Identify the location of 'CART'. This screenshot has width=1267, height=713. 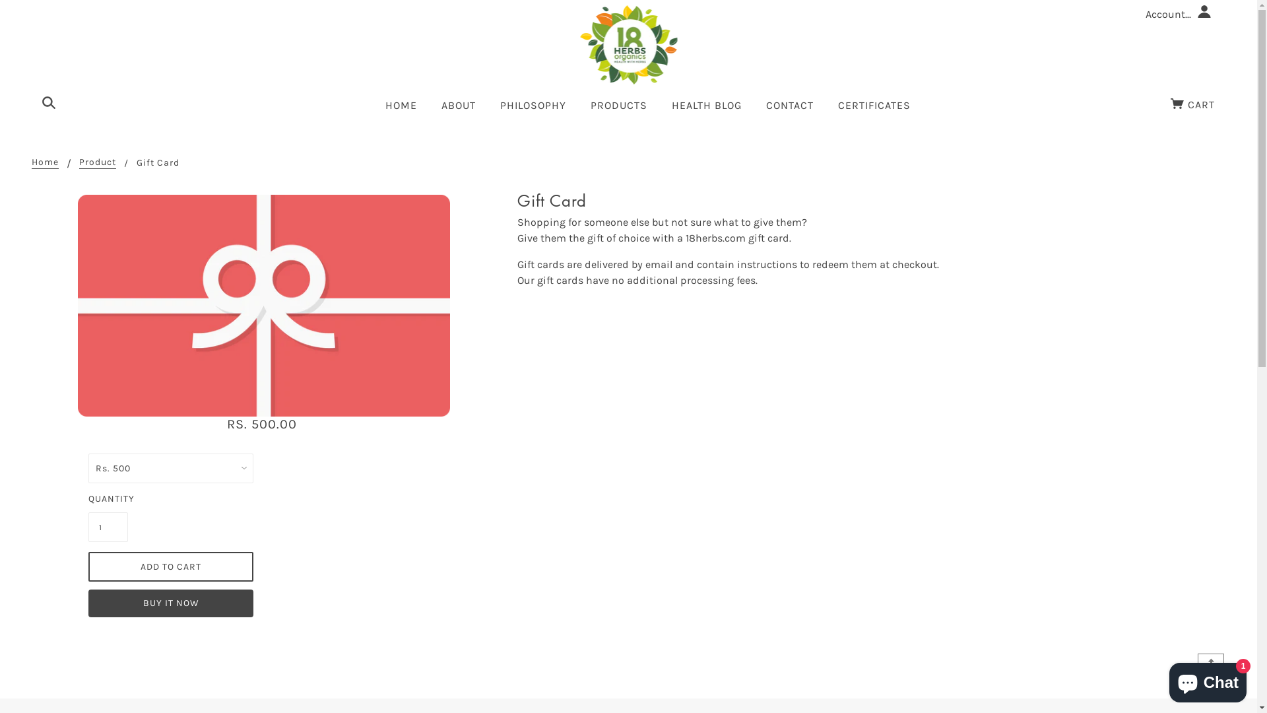
(1190, 104).